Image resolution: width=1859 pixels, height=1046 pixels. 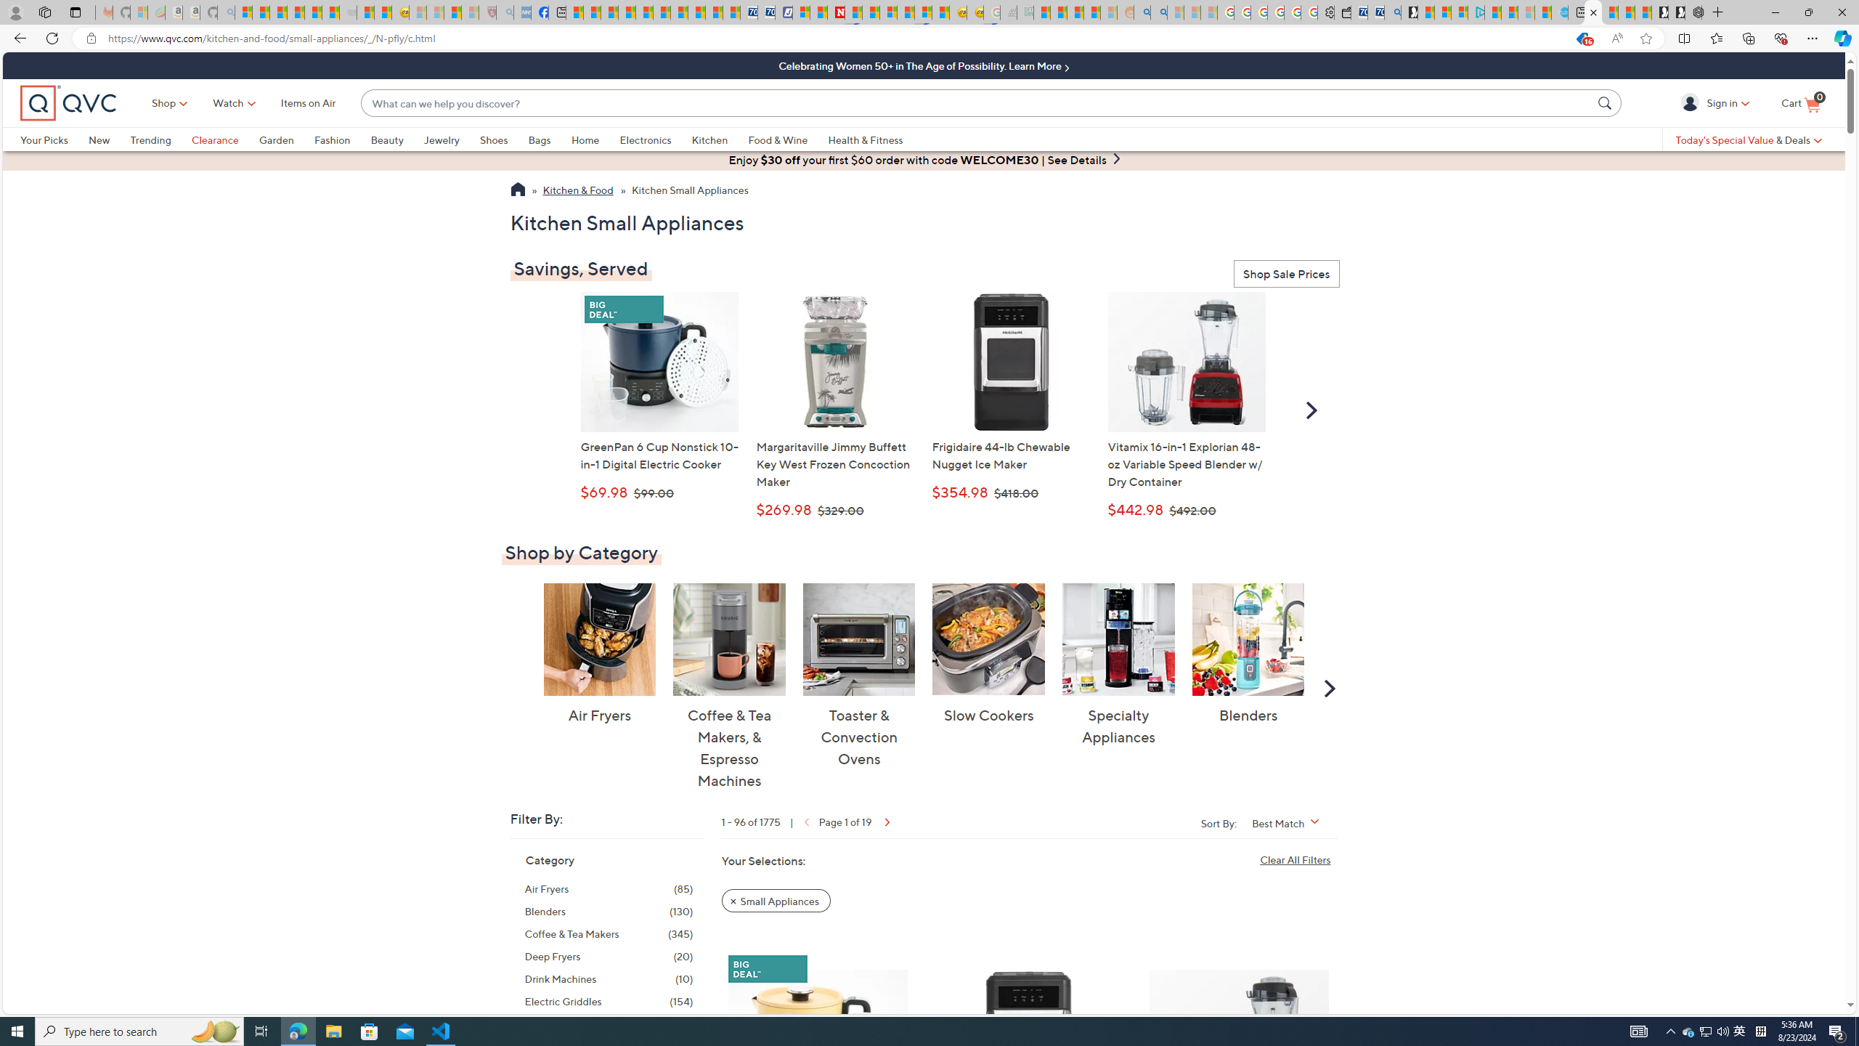 What do you see at coordinates (836, 12) in the screenshot?
I see `'Latest Politics News & Archive | Newsweek.com'` at bounding box center [836, 12].